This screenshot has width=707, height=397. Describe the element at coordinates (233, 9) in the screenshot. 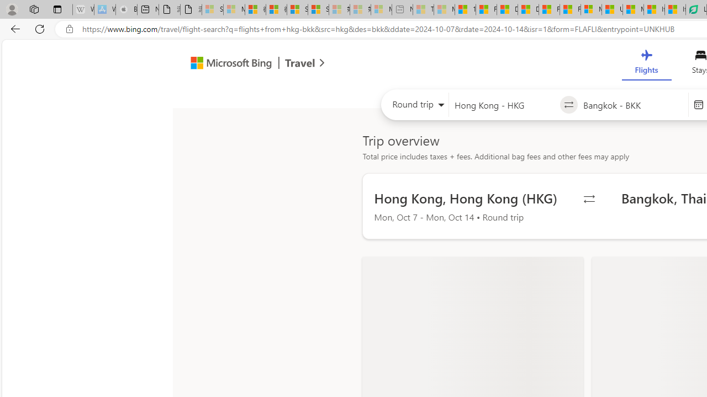

I see `'Microsoft Services Agreement - Sleeping'` at that location.